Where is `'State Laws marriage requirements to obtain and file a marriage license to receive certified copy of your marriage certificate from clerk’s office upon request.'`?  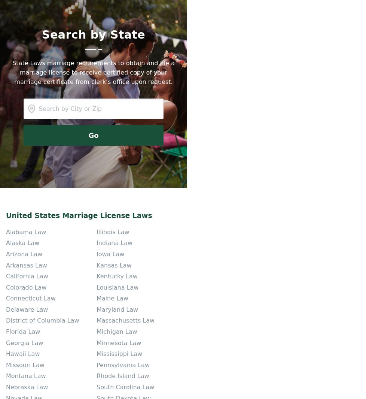
'State Laws marriage requirements to obtain and file a marriage license to receive certified copy of your marriage certificate from clerk’s office upon request.' is located at coordinates (93, 72).